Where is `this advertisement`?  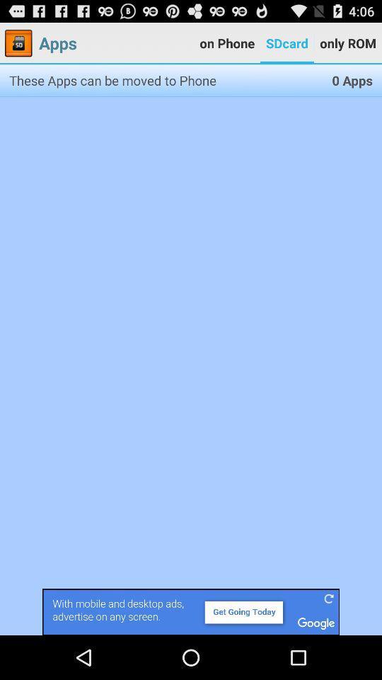 this advertisement is located at coordinates (191, 611).